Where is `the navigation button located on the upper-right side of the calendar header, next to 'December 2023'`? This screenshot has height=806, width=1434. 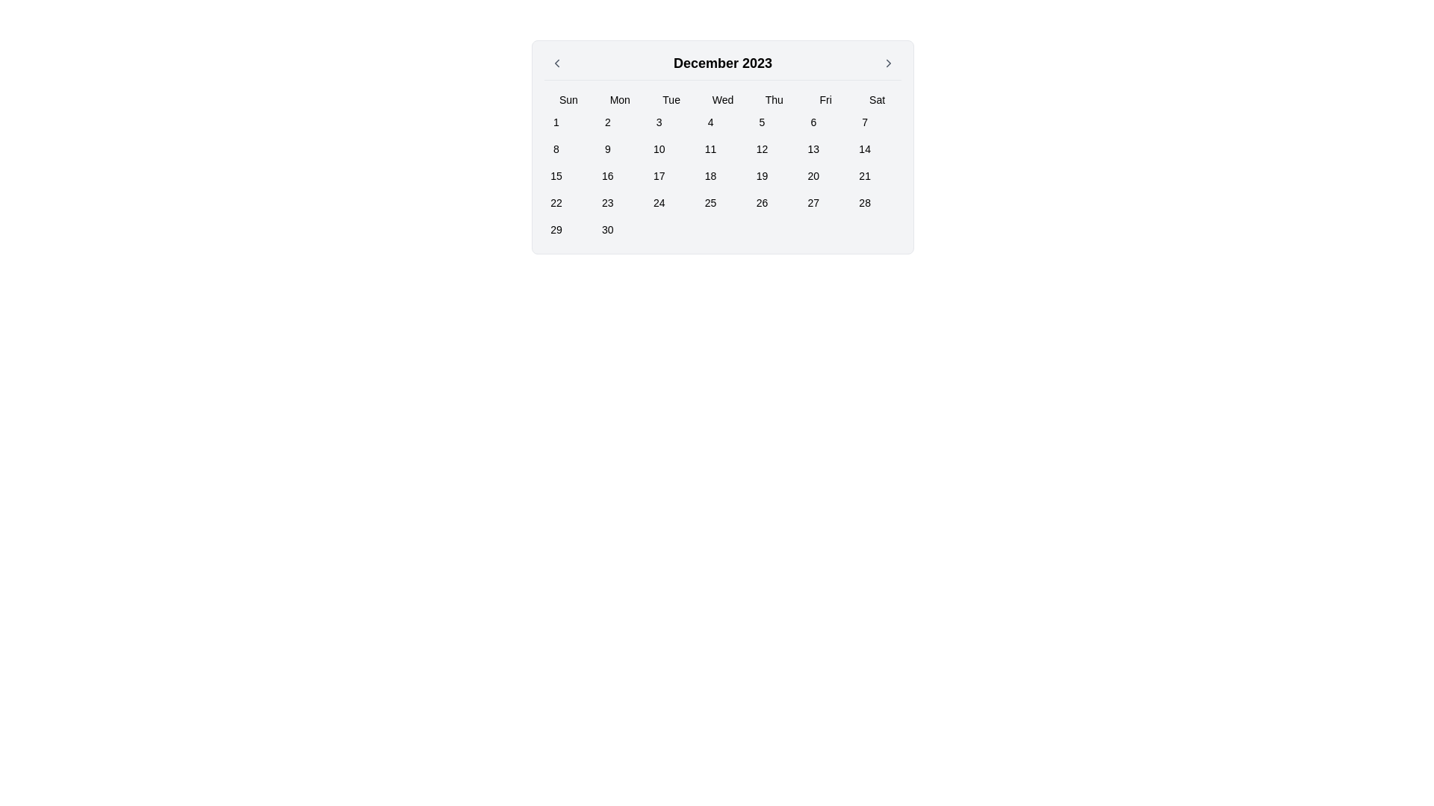 the navigation button located on the upper-right side of the calendar header, next to 'December 2023' is located at coordinates (889, 62).